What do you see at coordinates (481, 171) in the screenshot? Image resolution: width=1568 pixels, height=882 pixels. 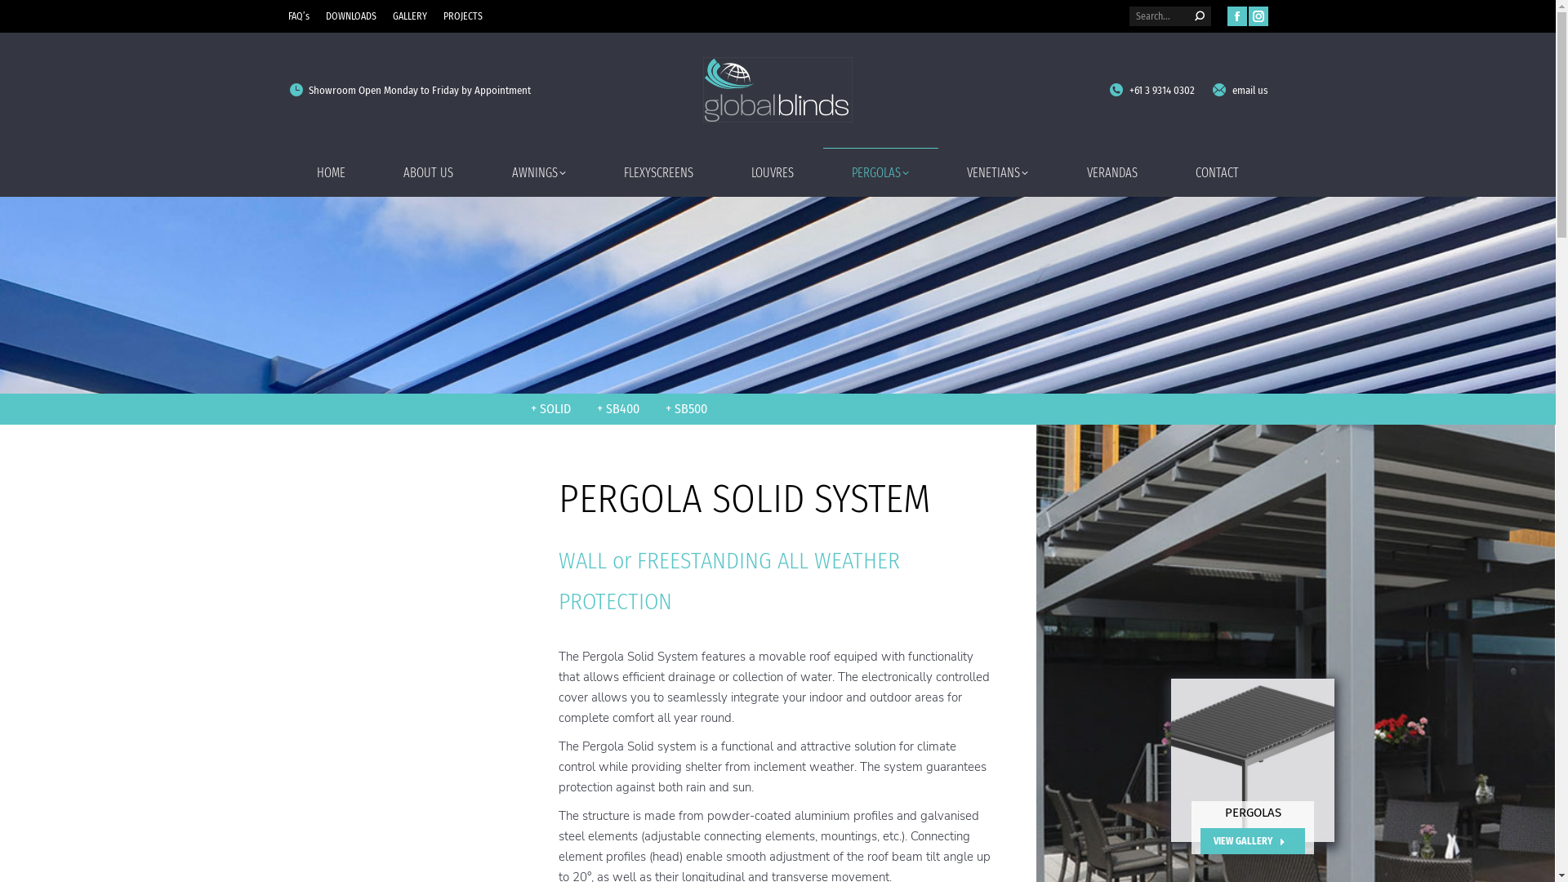 I see `'AWNINGS'` at bounding box center [481, 171].